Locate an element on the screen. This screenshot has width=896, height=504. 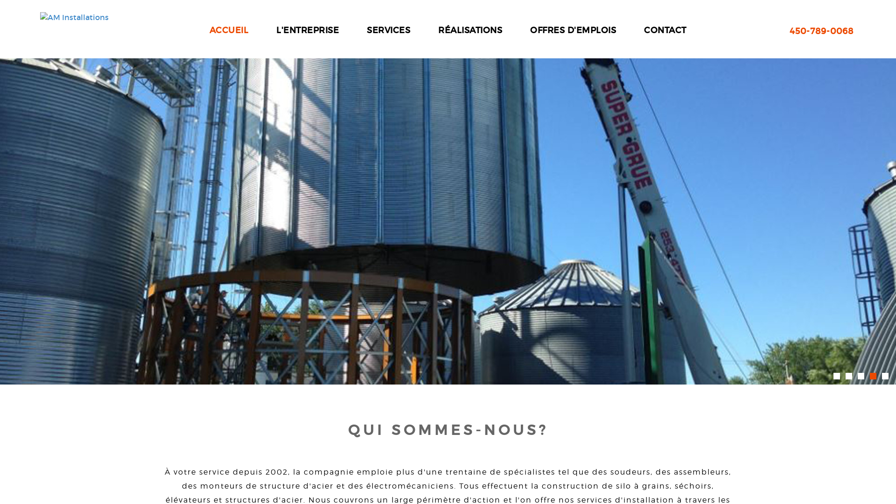
'OFFRES D'EMPLOIS' is located at coordinates (530, 30).